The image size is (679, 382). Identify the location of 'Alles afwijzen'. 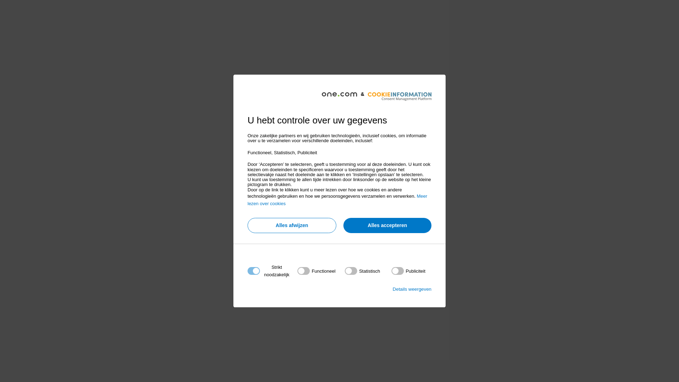
(292, 225).